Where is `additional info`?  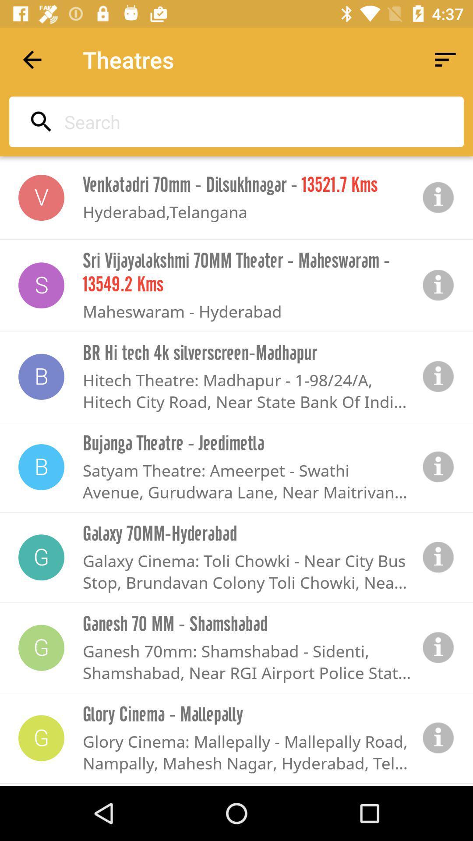
additional info is located at coordinates (438, 647).